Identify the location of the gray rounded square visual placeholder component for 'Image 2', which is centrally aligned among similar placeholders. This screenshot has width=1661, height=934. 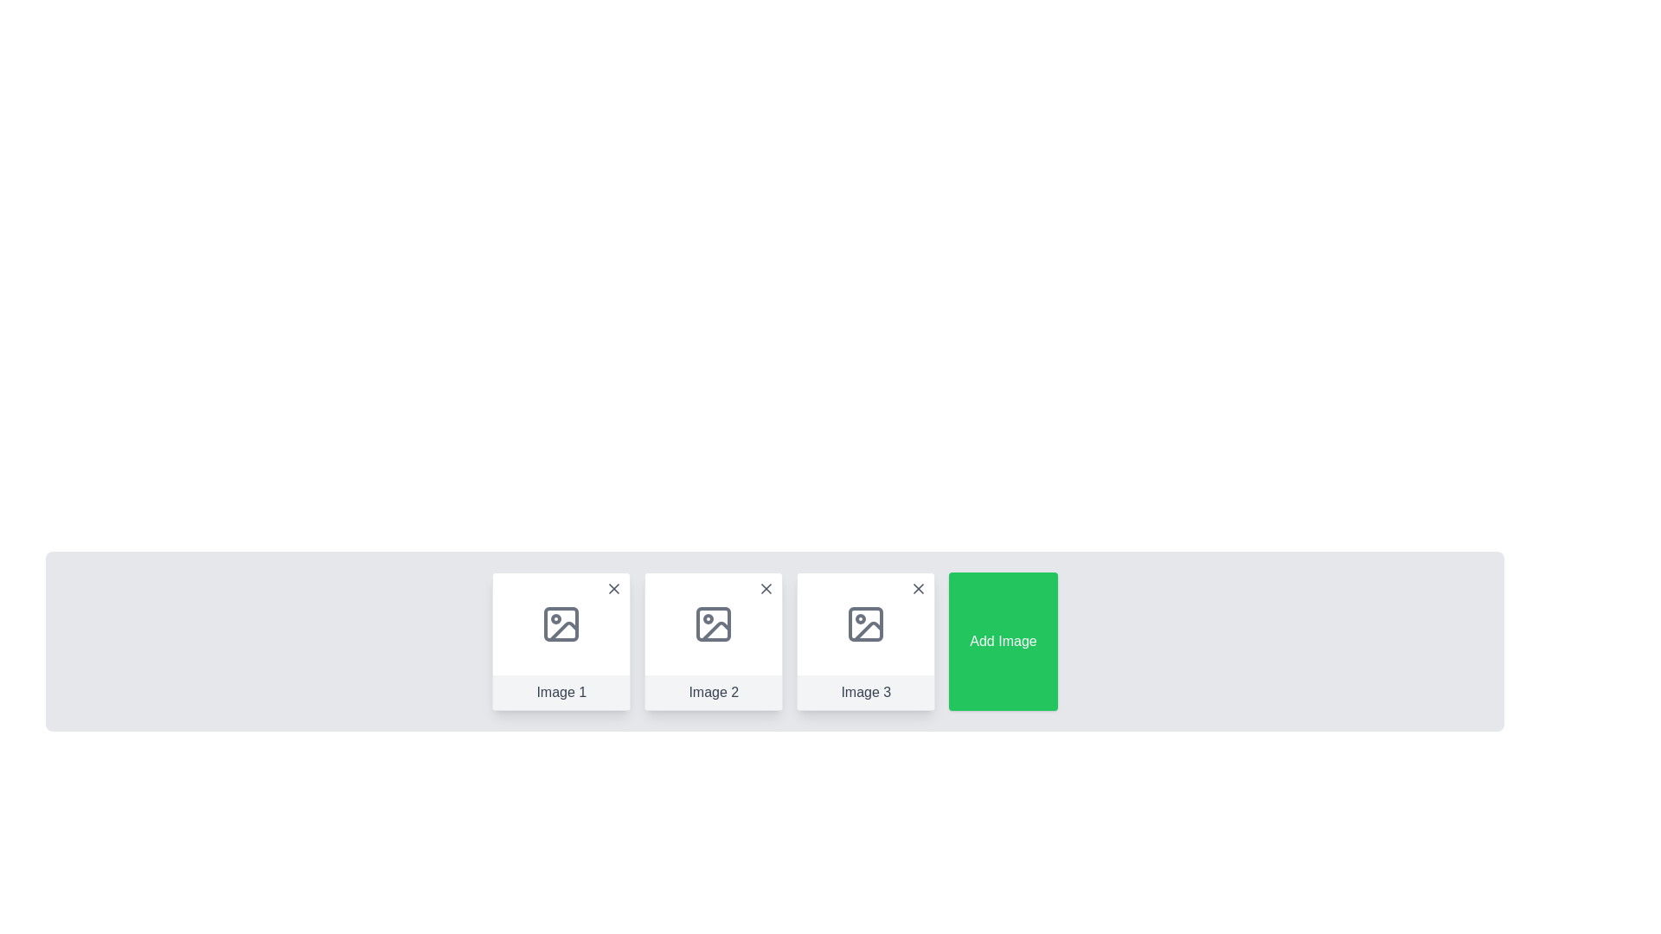
(714, 624).